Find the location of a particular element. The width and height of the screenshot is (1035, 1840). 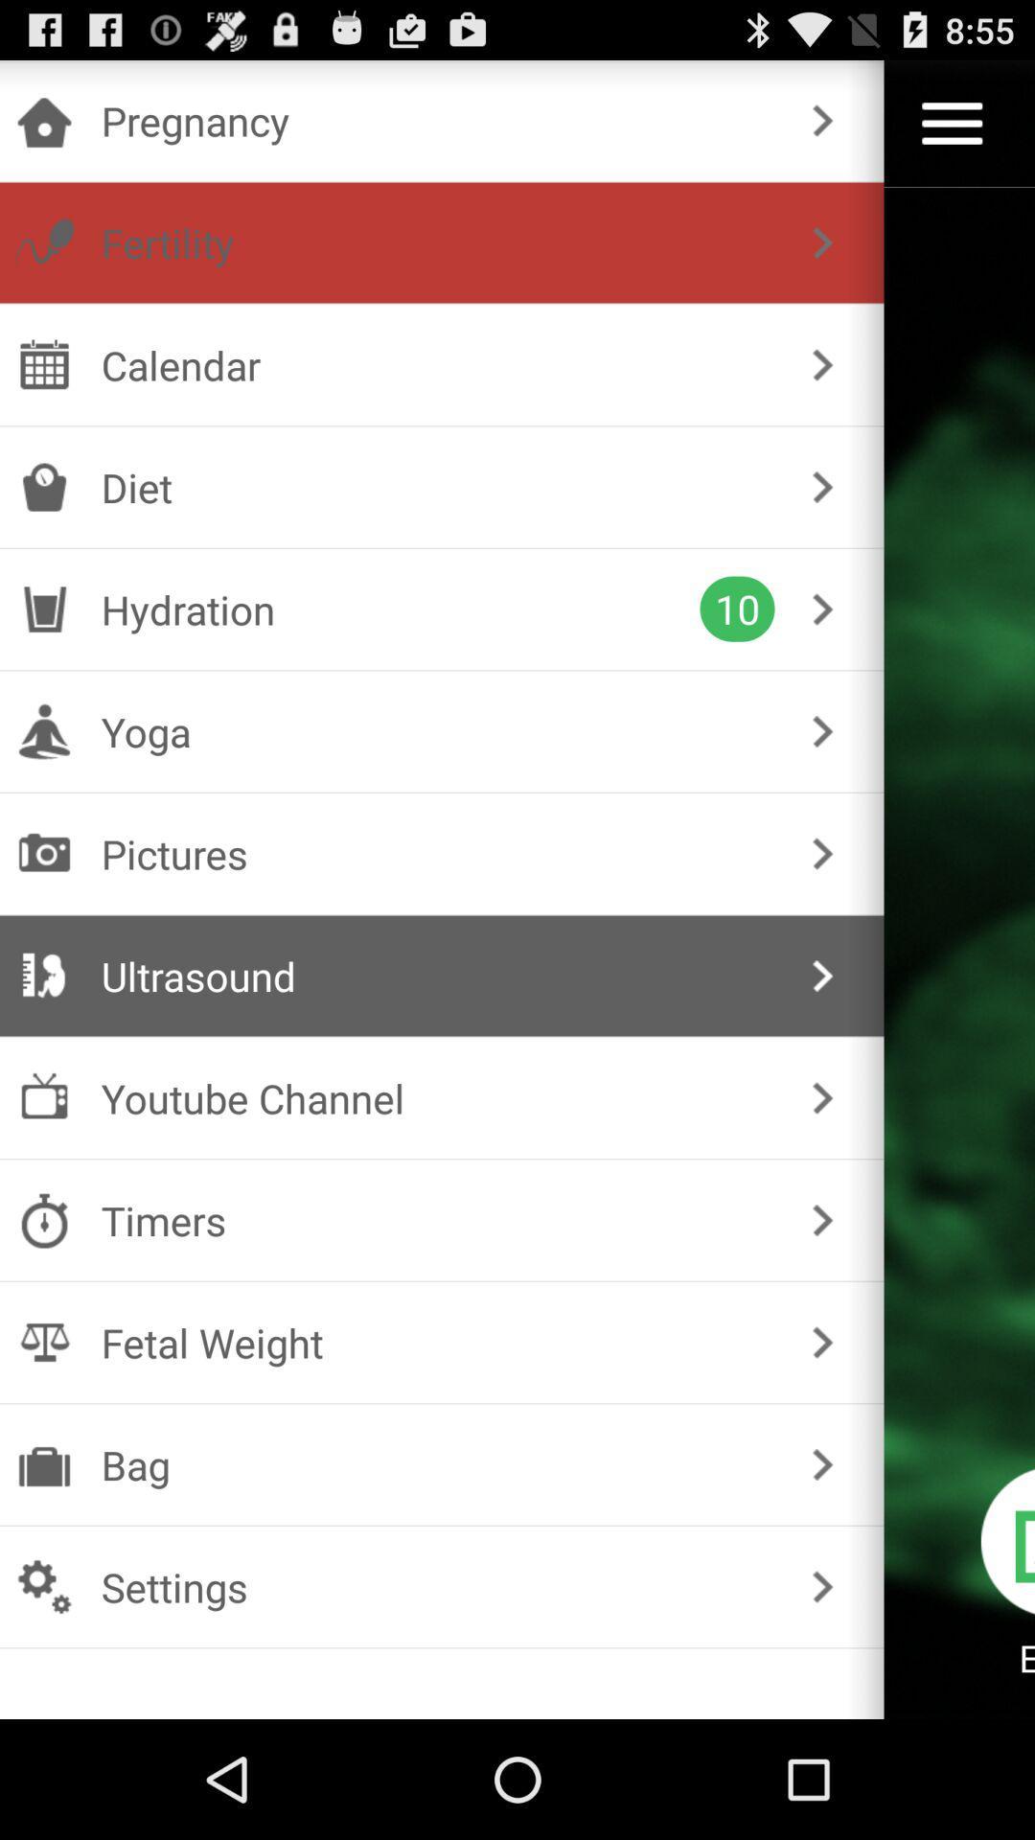

the icon right to ultrasound is located at coordinates (43, 976).